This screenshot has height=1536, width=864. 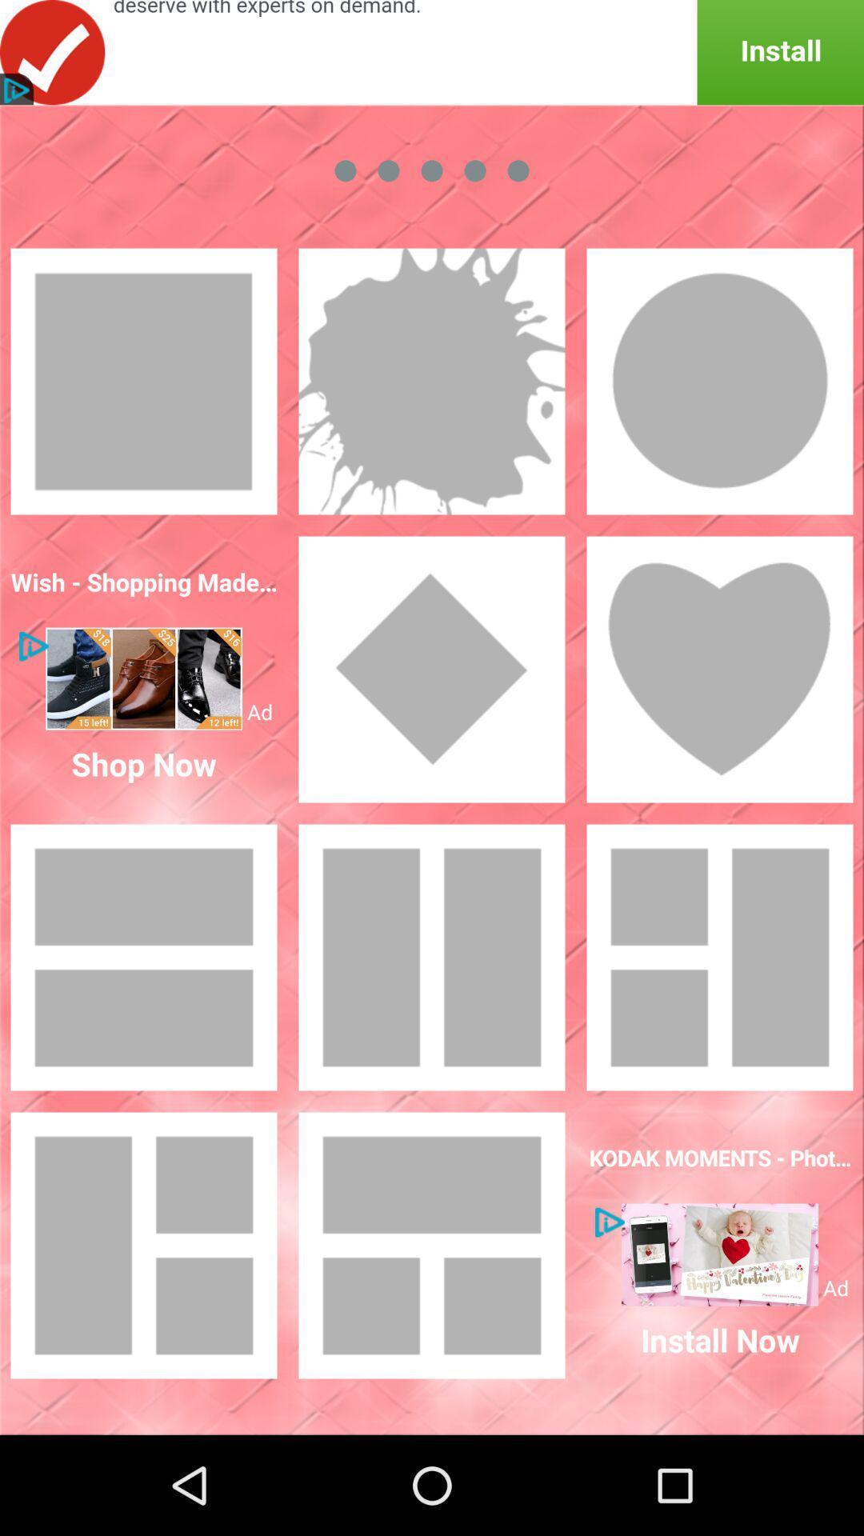 What do you see at coordinates (432, 380) in the screenshot?
I see `choose the selection` at bounding box center [432, 380].